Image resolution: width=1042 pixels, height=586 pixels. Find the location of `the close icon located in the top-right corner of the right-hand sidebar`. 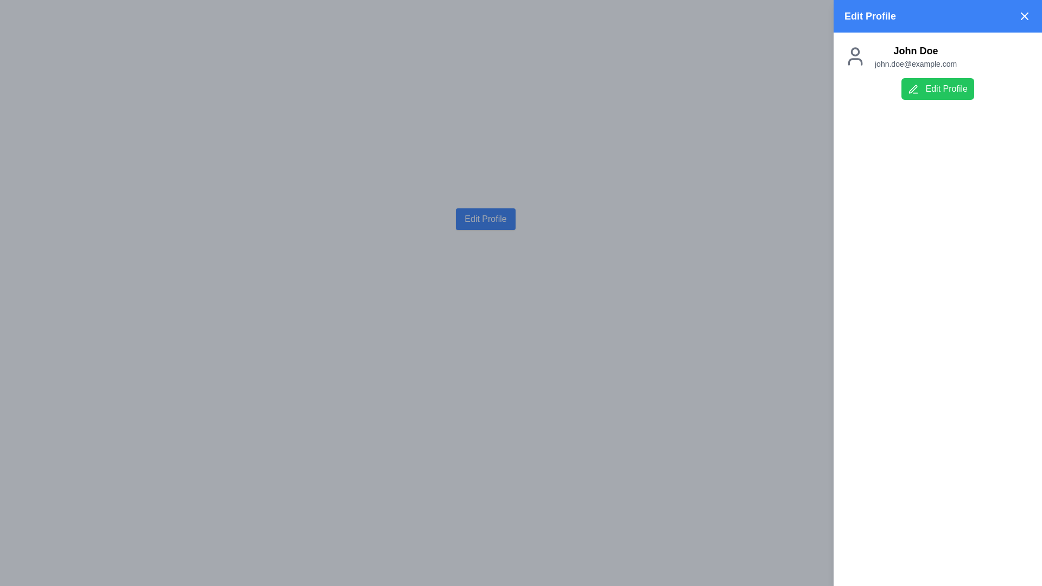

the close icon located in the top-right corner of the right-hand sidebar is located at coordinates (1024, 16).